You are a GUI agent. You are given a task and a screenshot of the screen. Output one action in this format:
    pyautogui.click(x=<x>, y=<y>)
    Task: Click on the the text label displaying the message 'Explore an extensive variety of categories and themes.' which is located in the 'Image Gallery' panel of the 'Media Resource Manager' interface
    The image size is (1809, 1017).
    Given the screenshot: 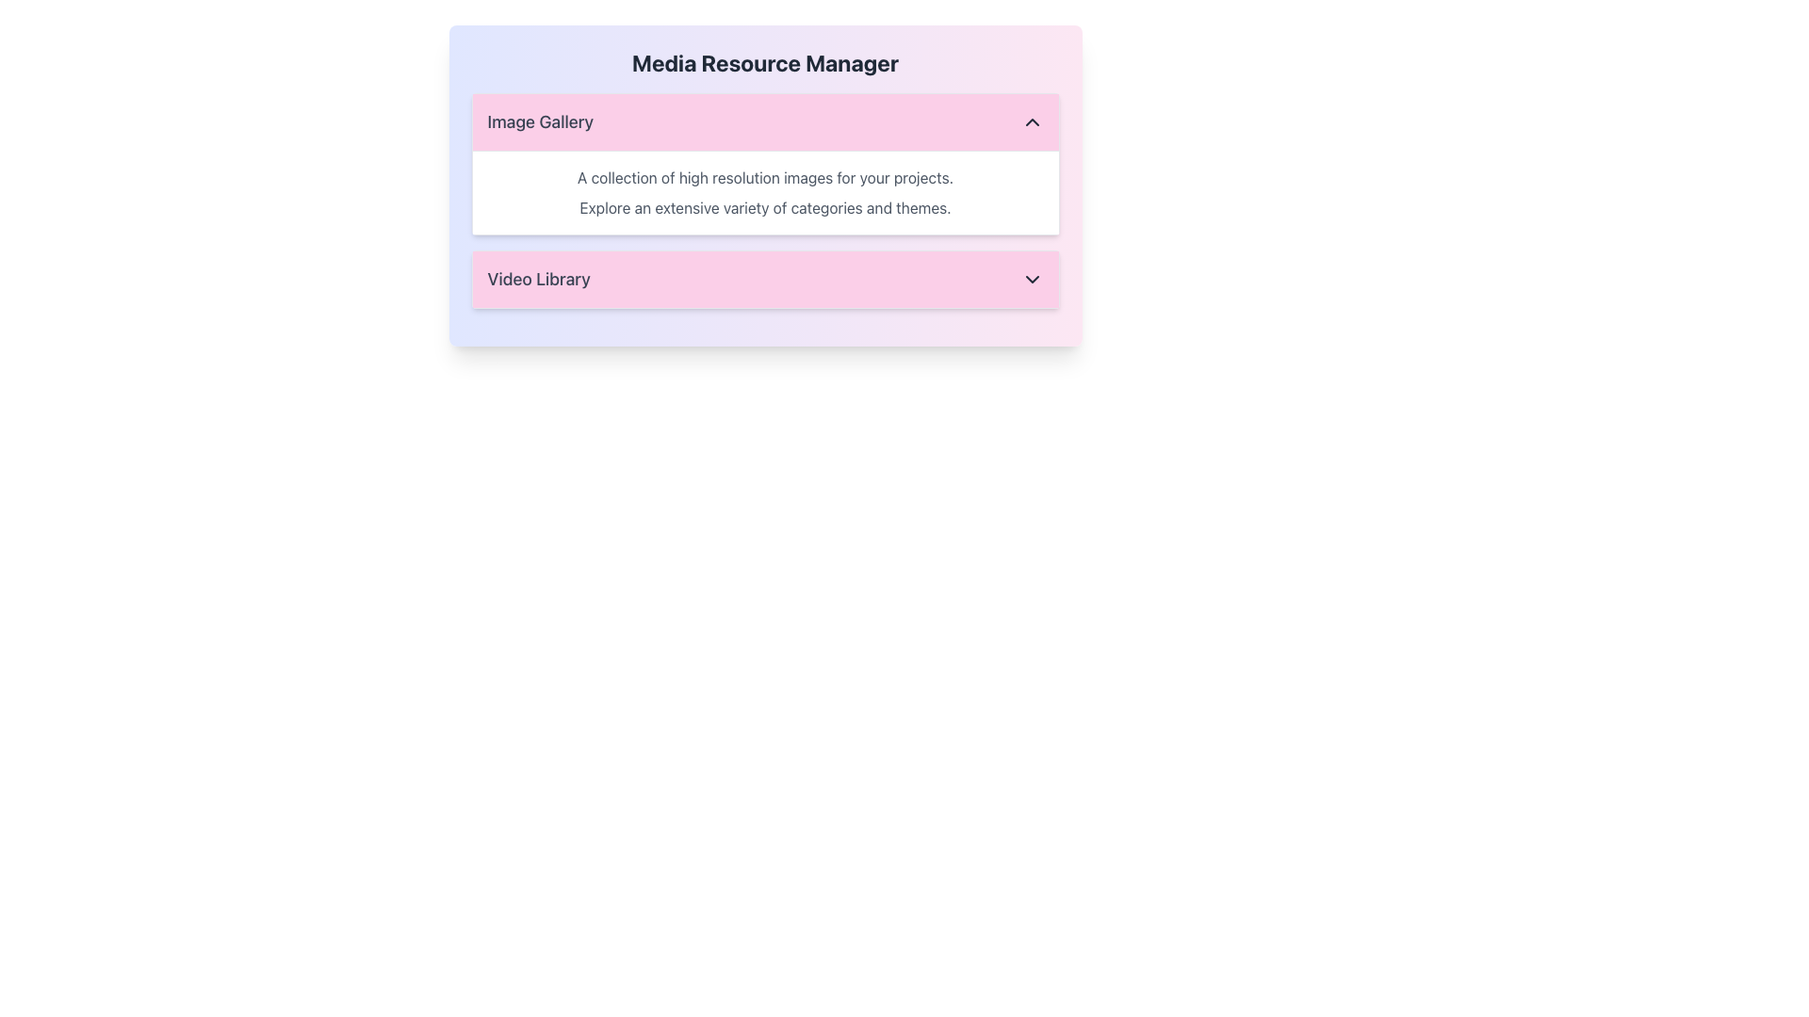 What is the action you would take?
    pyautogui.click(x=765, y=207)
    